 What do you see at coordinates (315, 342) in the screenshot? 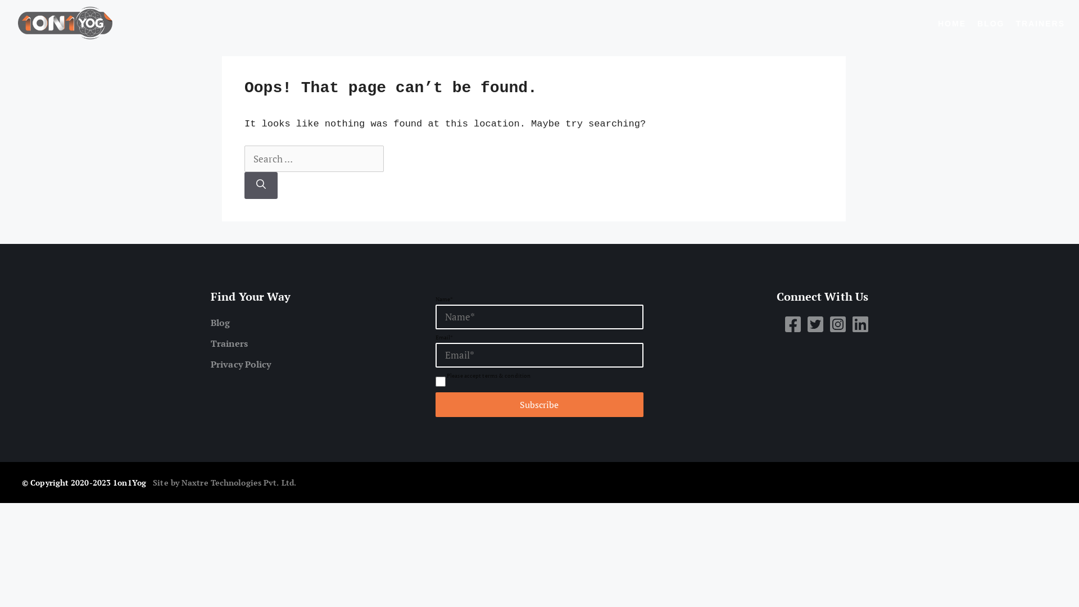
I see `'Trainers'` at bounding box center [315, 342].